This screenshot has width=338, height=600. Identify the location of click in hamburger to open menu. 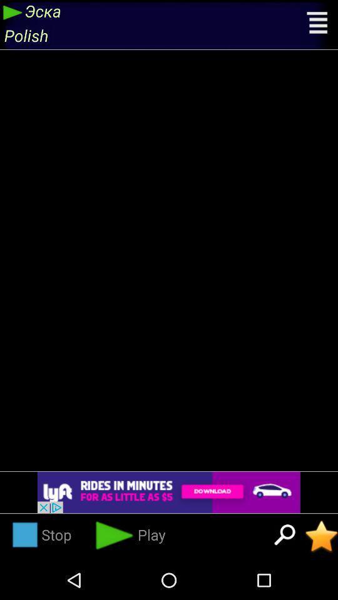
(318, 24).